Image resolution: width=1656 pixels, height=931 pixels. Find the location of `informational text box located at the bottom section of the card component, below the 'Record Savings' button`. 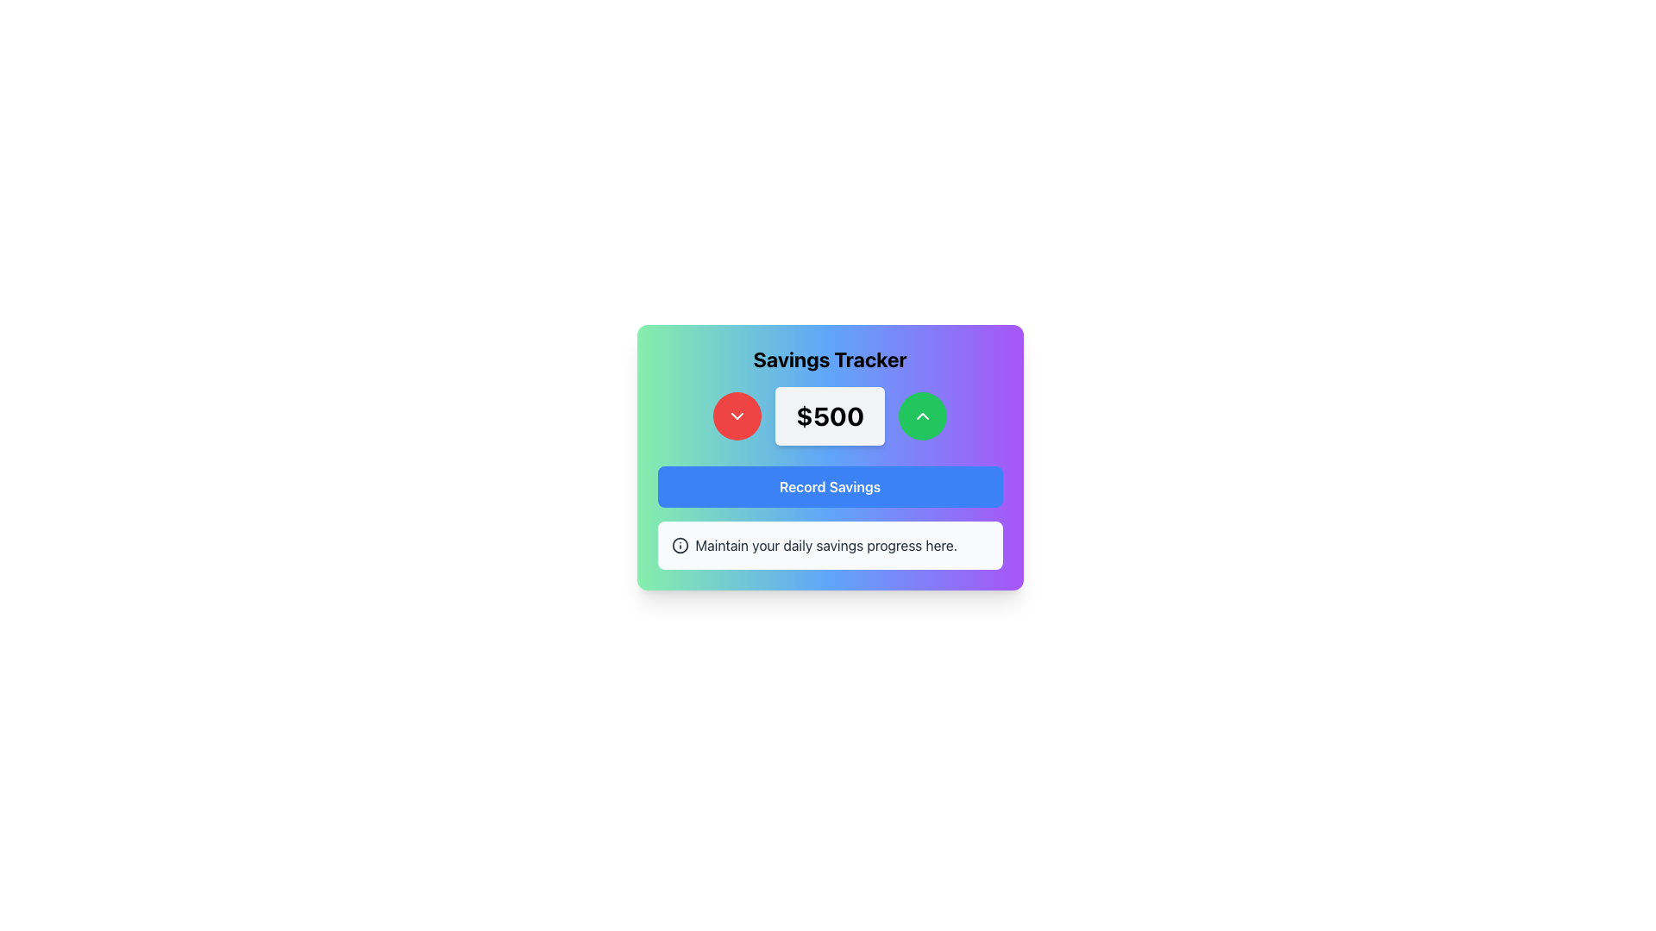

informational text box located at the bottom section of the card component, below the 'Record Savings' button is located at coordinates (830, 545).